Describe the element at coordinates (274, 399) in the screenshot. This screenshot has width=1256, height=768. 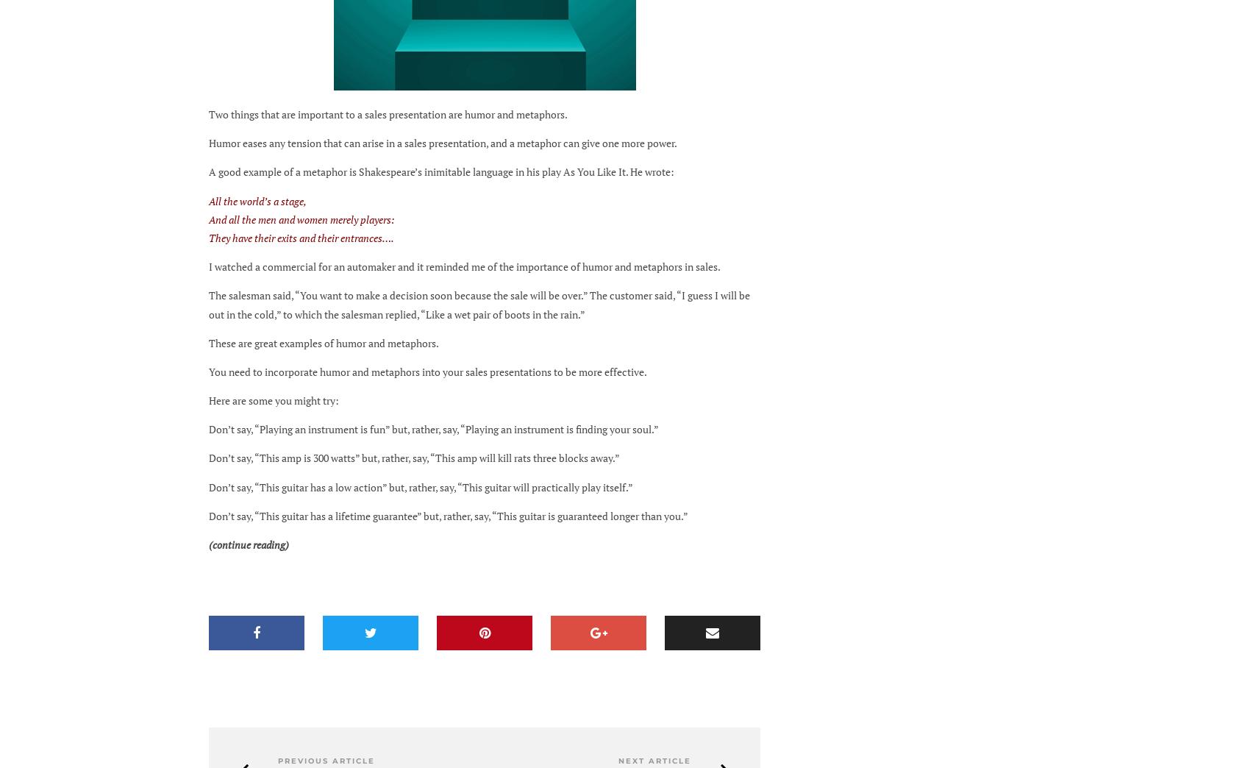
I see `'Here are some you might try:'` at that location.